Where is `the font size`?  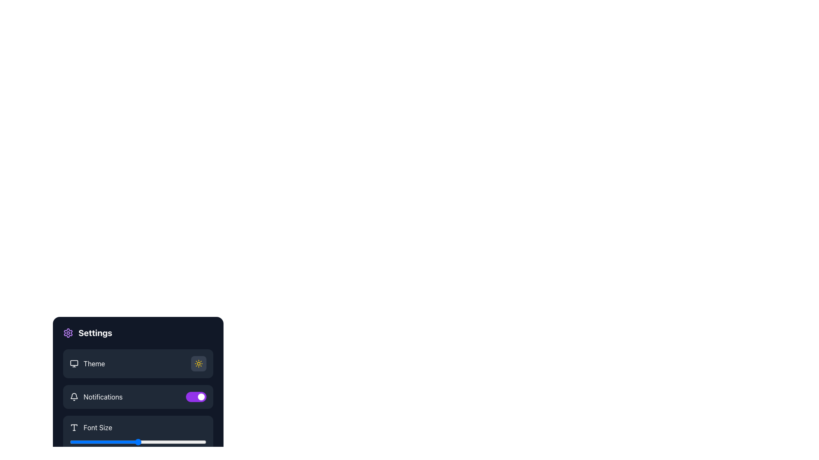 the font size is located at coordinates (101, 441).